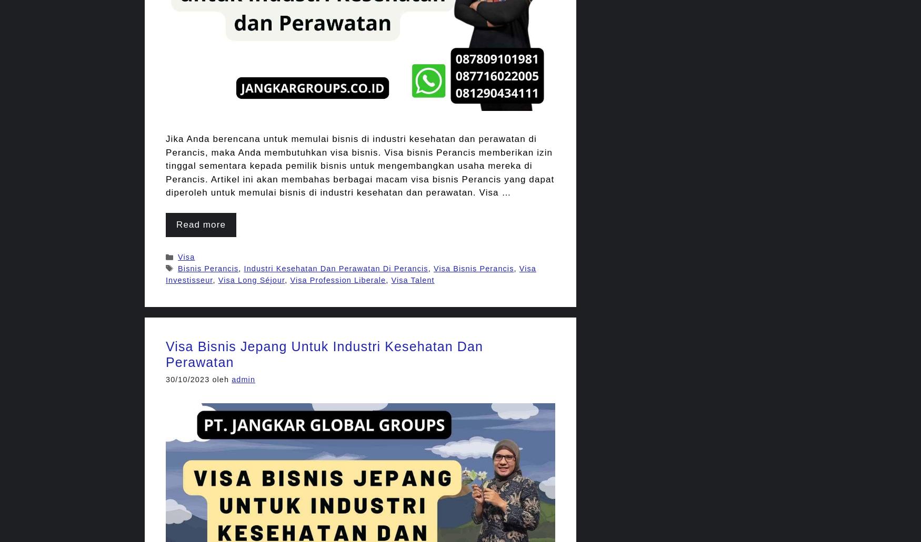  I want to click on 'Visa Profession Liberale', so click(337, 279).